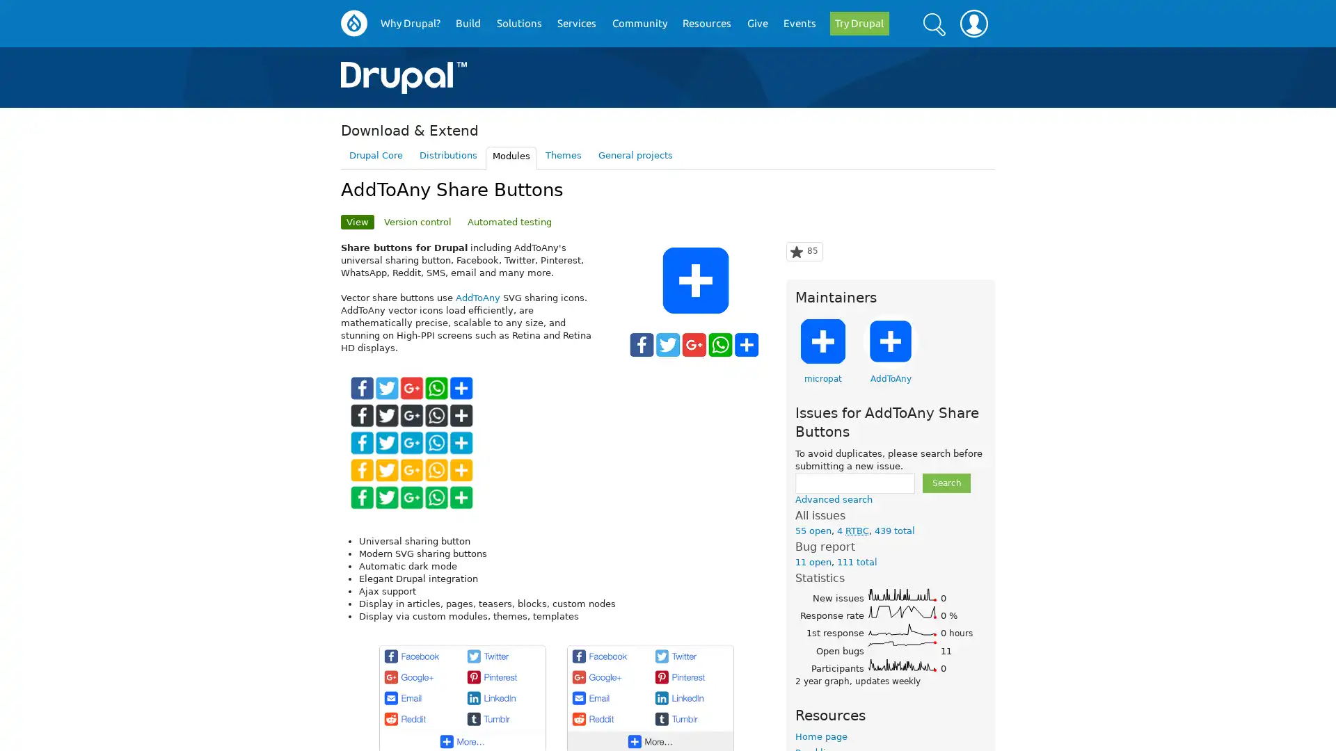 The height and width of the screenshot is (751, 1336). Describe the element at coordinates (934, 24) in the screenshot. I see `Search` at that location.